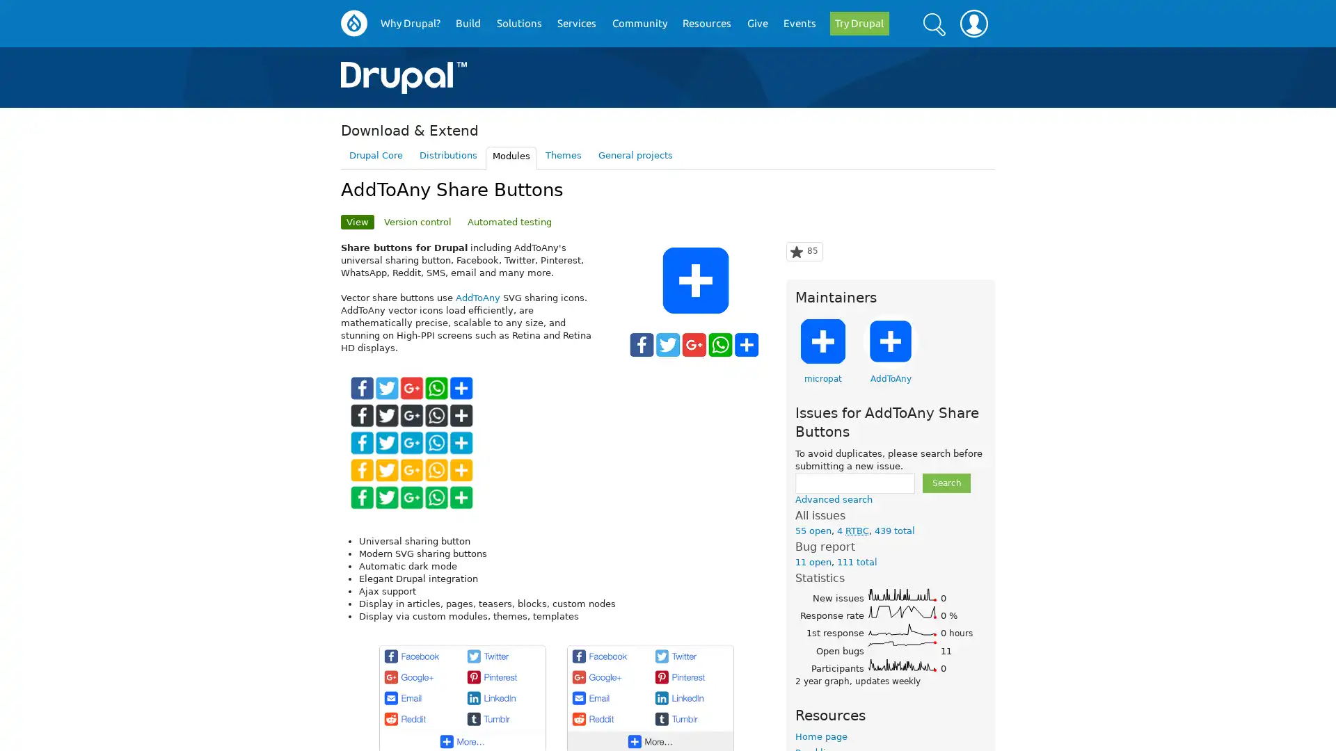 The height and width of the screenshot is (751, 1336). Describe the element at coordinates (934, 24) in the screenshot. I see `Search` at that location.